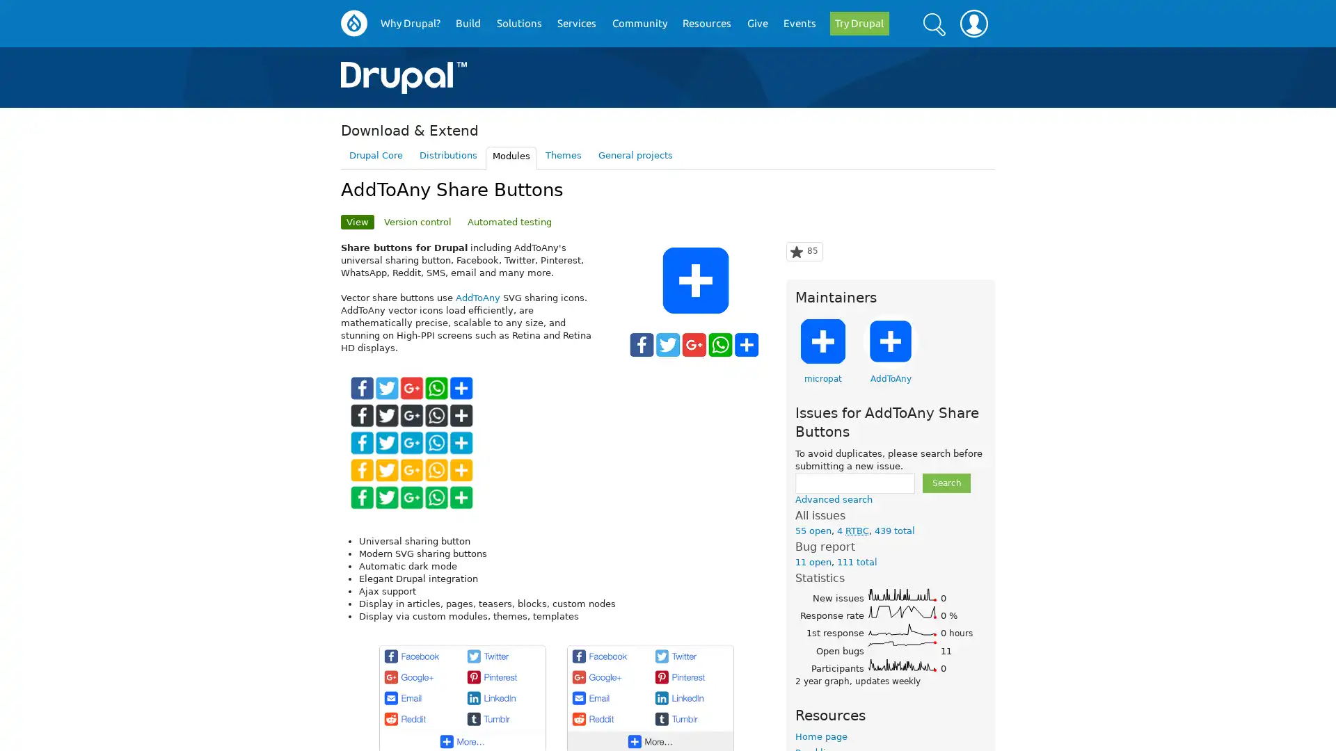 The height and width of the screenshot is (751, 1336). Describe the element at coordinates (934, 24) in the screenshot. I see `Search` at that location.